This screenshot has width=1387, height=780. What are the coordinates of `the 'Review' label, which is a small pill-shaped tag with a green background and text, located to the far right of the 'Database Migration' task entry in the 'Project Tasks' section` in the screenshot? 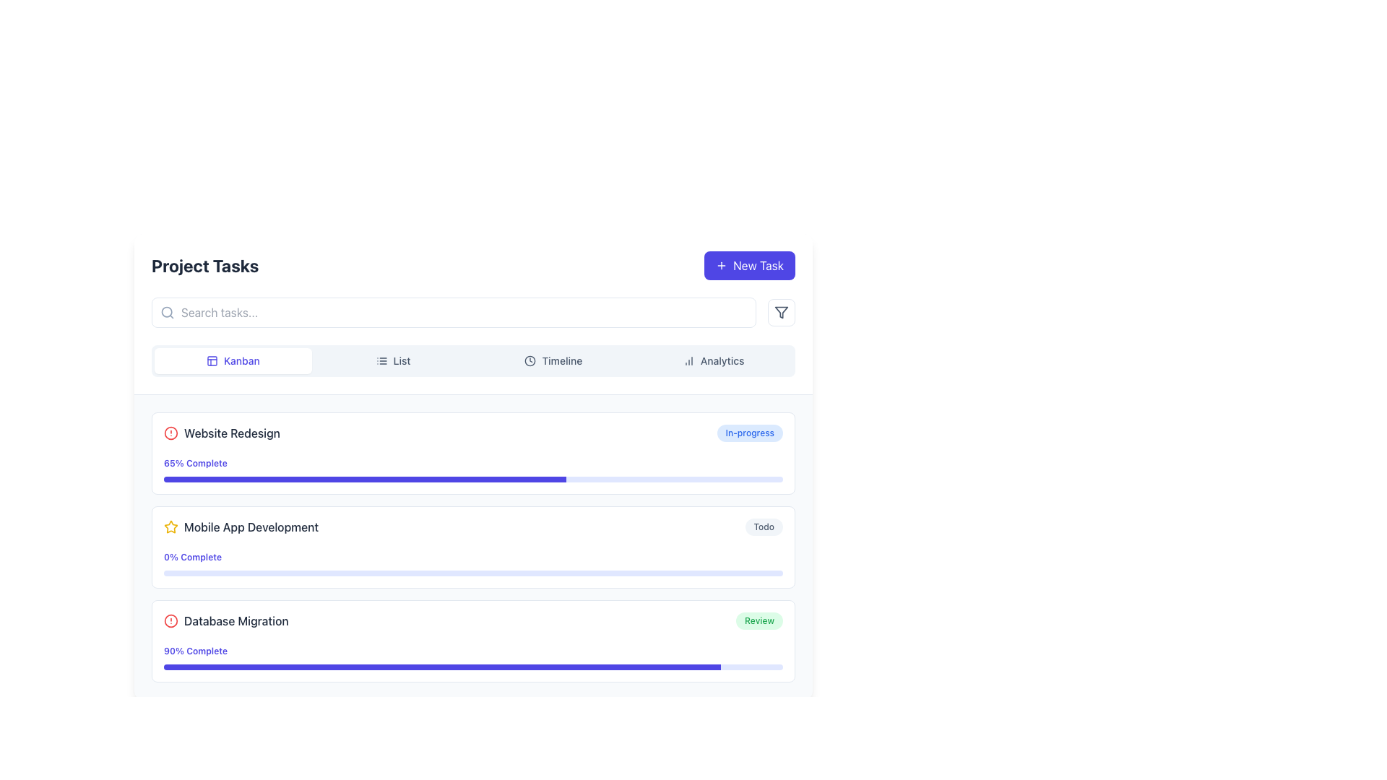 It's located at (759, 620).